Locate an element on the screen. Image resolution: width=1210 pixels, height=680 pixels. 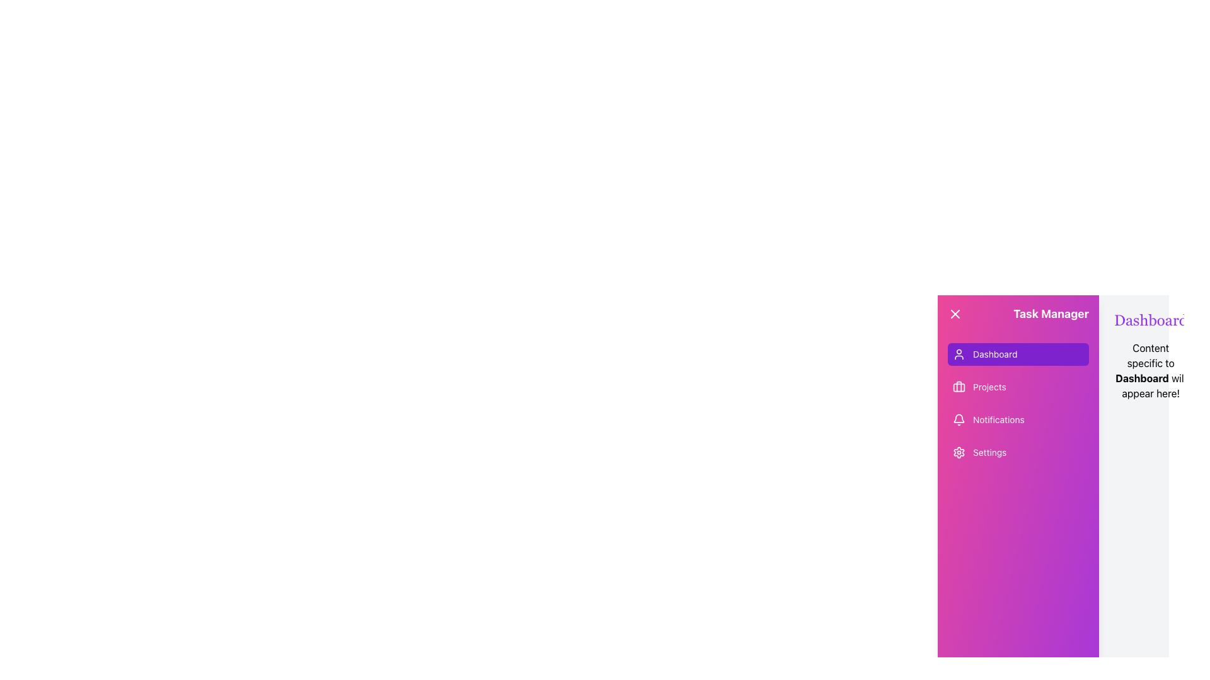
the 'Notifications' button in the vertical navigation menu is located at coordinates (1018, 420).